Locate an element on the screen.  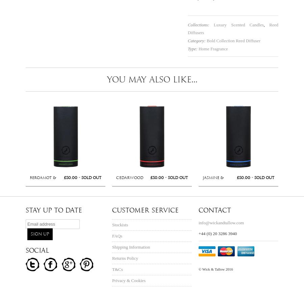
'Collections:' is located at coordinates (187, 24).